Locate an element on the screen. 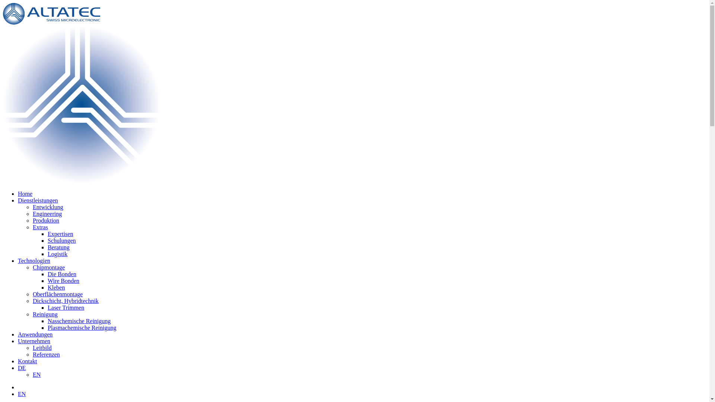  'Dienstleistungen' is located at coordinates (37, 200).